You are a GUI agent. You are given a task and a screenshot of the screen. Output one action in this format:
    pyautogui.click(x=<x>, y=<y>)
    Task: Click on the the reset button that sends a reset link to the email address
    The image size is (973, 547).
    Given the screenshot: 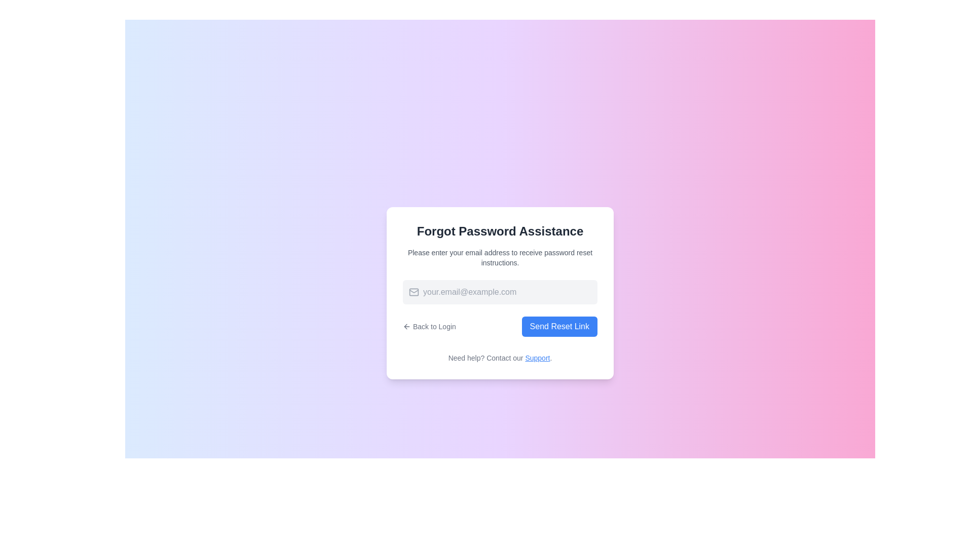 What is the action you would take?
    pyautogui.click(x=559, y=326)
    